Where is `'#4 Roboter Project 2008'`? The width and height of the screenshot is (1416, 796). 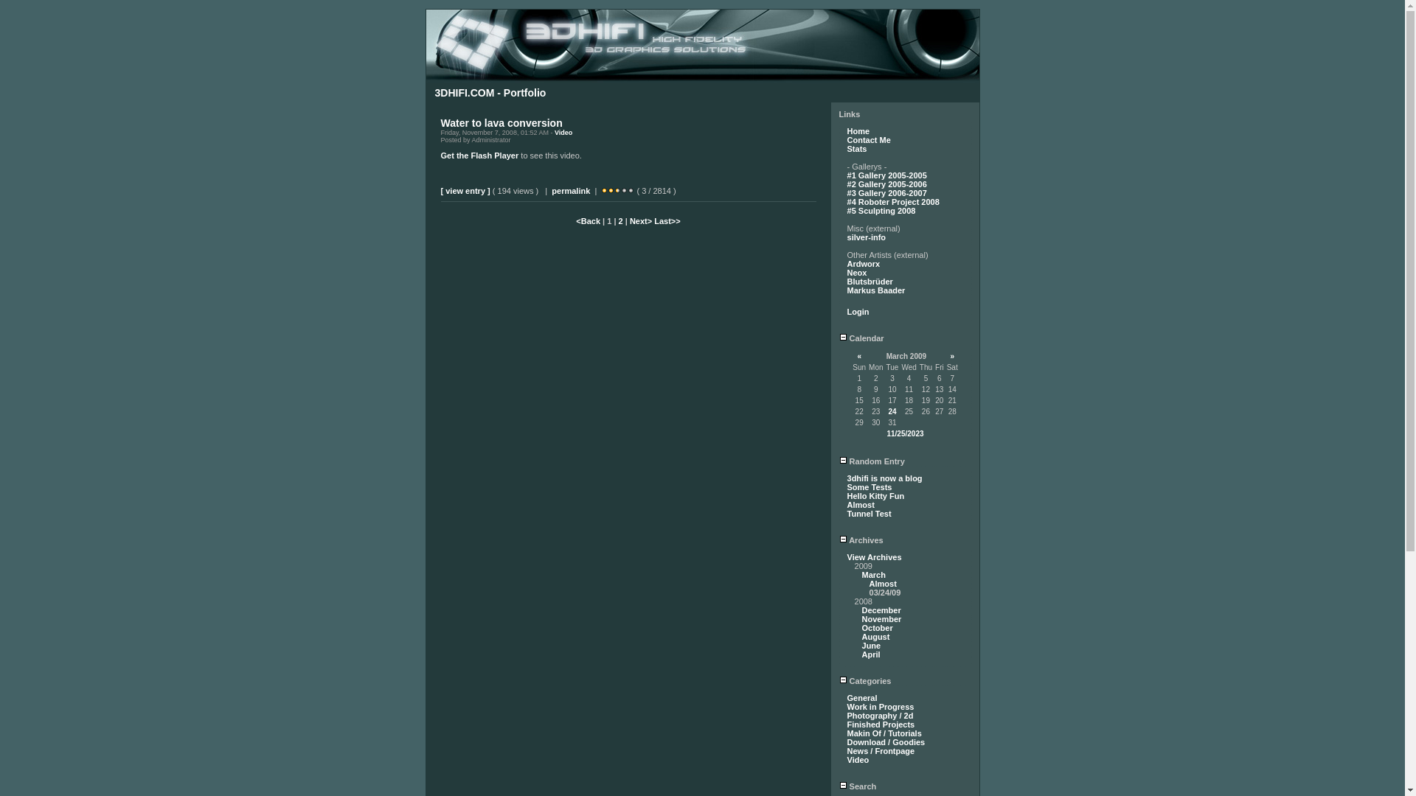 '#4 Roboter Project 2008' is located at coordinates (892, 201).